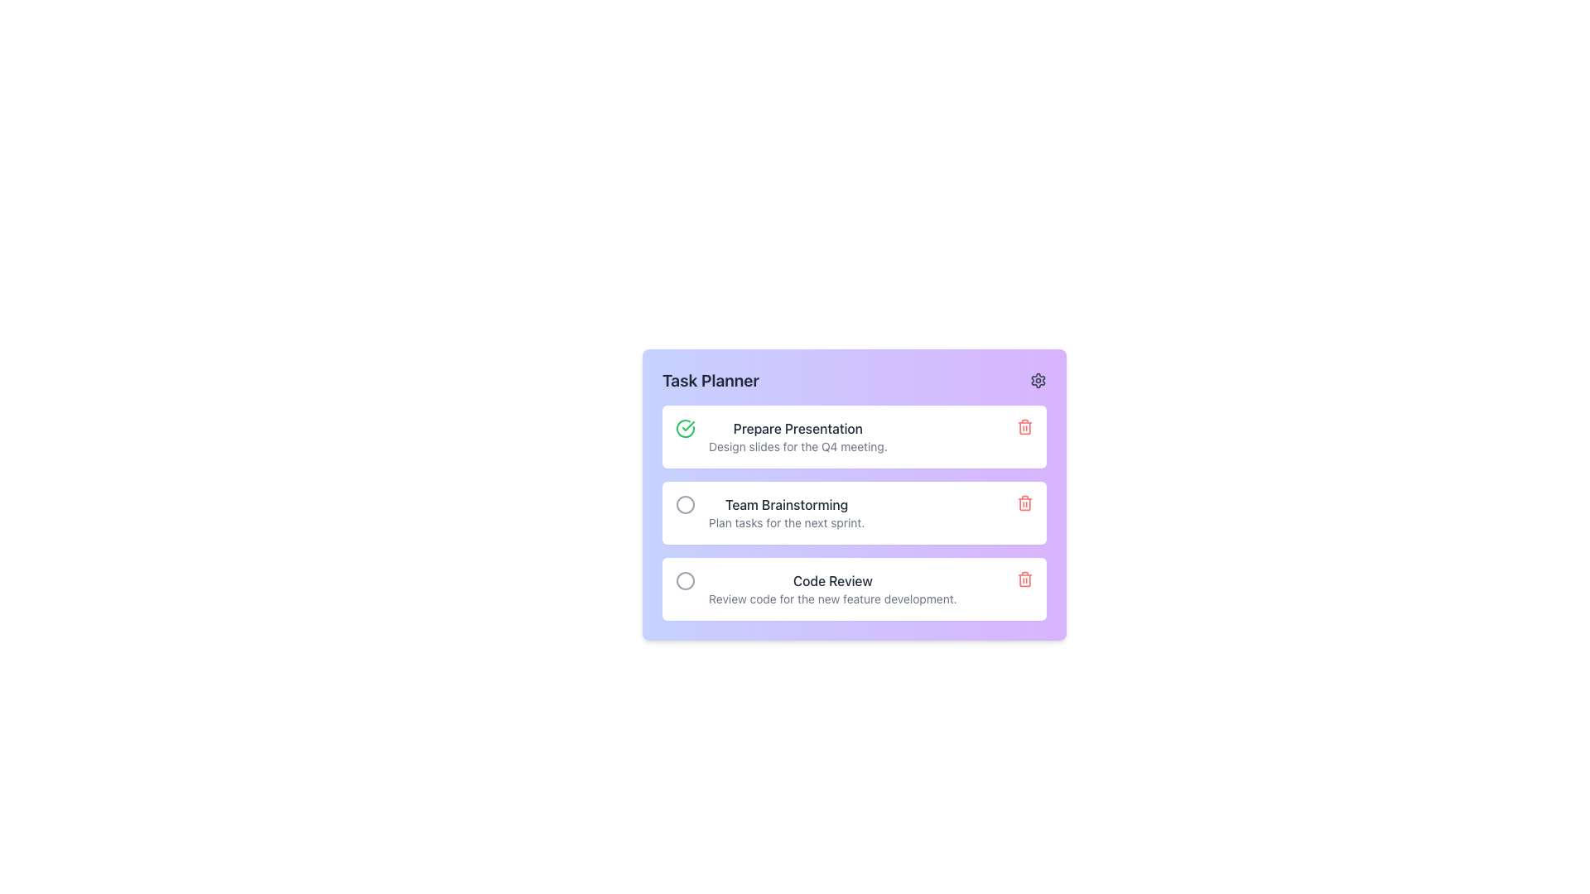  Describe the element at coordinates (686, 580) in the screenshot. I see `the circular icon with a gray outline located in the leftmost position within the third task row under the 'Code Review' task title` at that location.